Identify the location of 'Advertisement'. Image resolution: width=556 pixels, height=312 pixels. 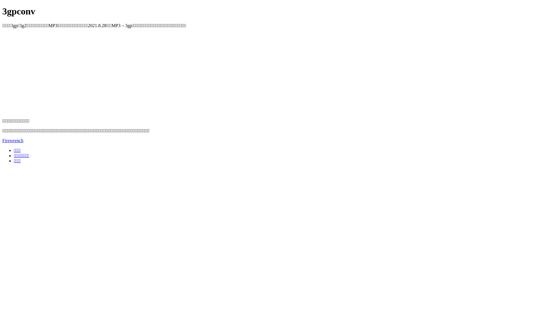
(176, 73).